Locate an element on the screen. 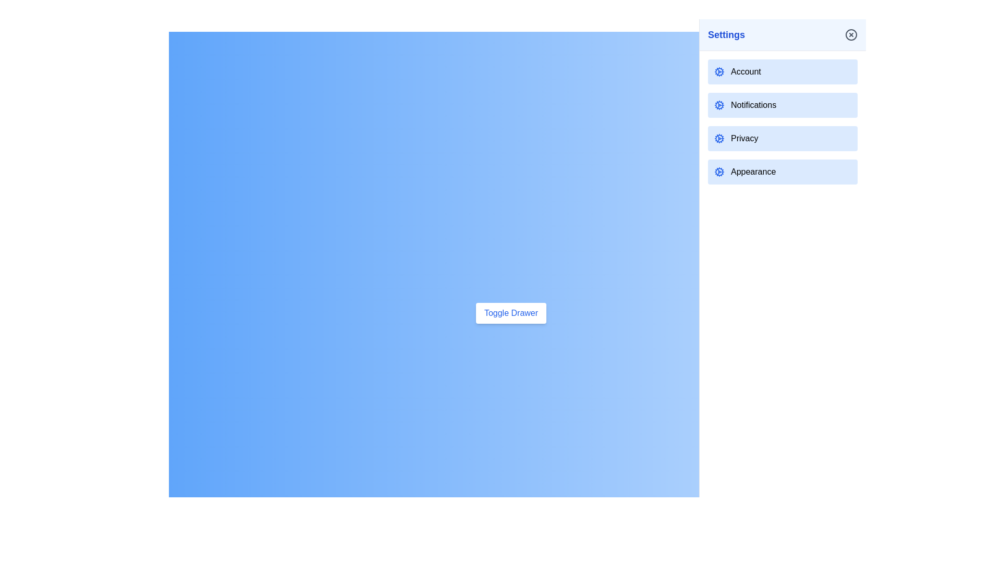  the Privacy setting in the drawer is located at coordinates (783, 138).